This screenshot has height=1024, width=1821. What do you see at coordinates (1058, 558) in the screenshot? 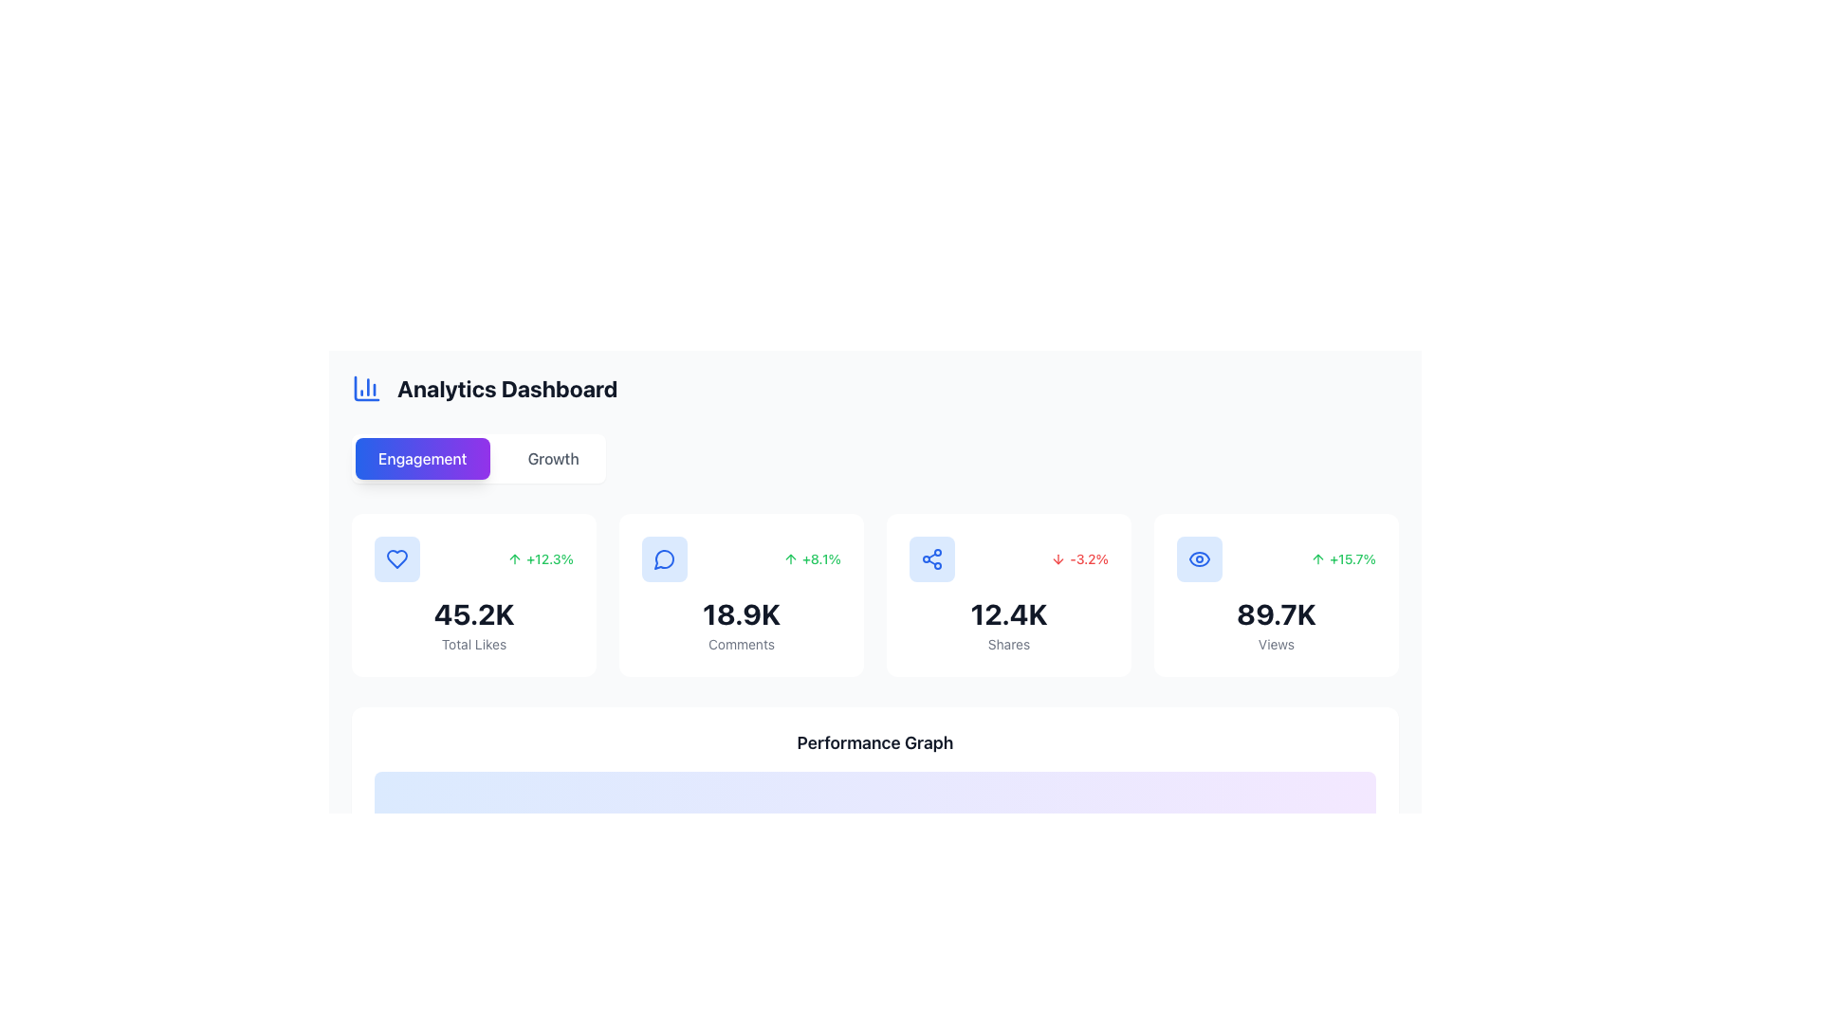
I see `the decrease icon that visually indicates a decrease and is positioned to the left of the '-3.2%' text above the '12.4K Shares' card in the dashboard layout` at bounding box center [1058, 558].